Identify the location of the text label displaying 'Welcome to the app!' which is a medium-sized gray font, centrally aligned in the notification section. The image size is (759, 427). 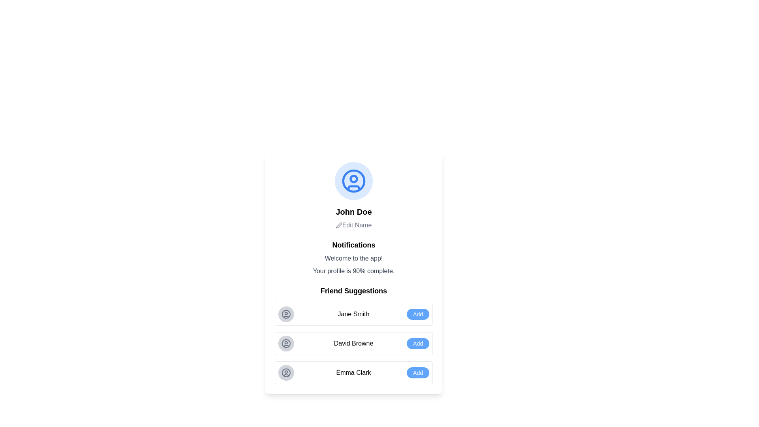
(353, 259).